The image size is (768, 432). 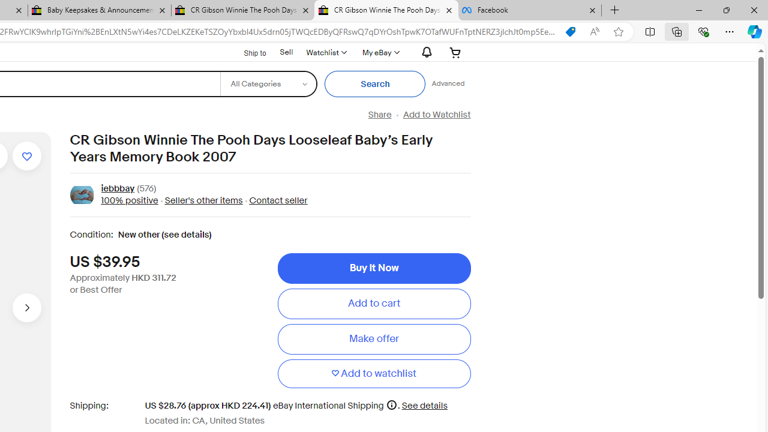 What do you see at coordinates (529, 10) in the screenshot?
I see `'Facebook'` at bounding box center [529, 10].